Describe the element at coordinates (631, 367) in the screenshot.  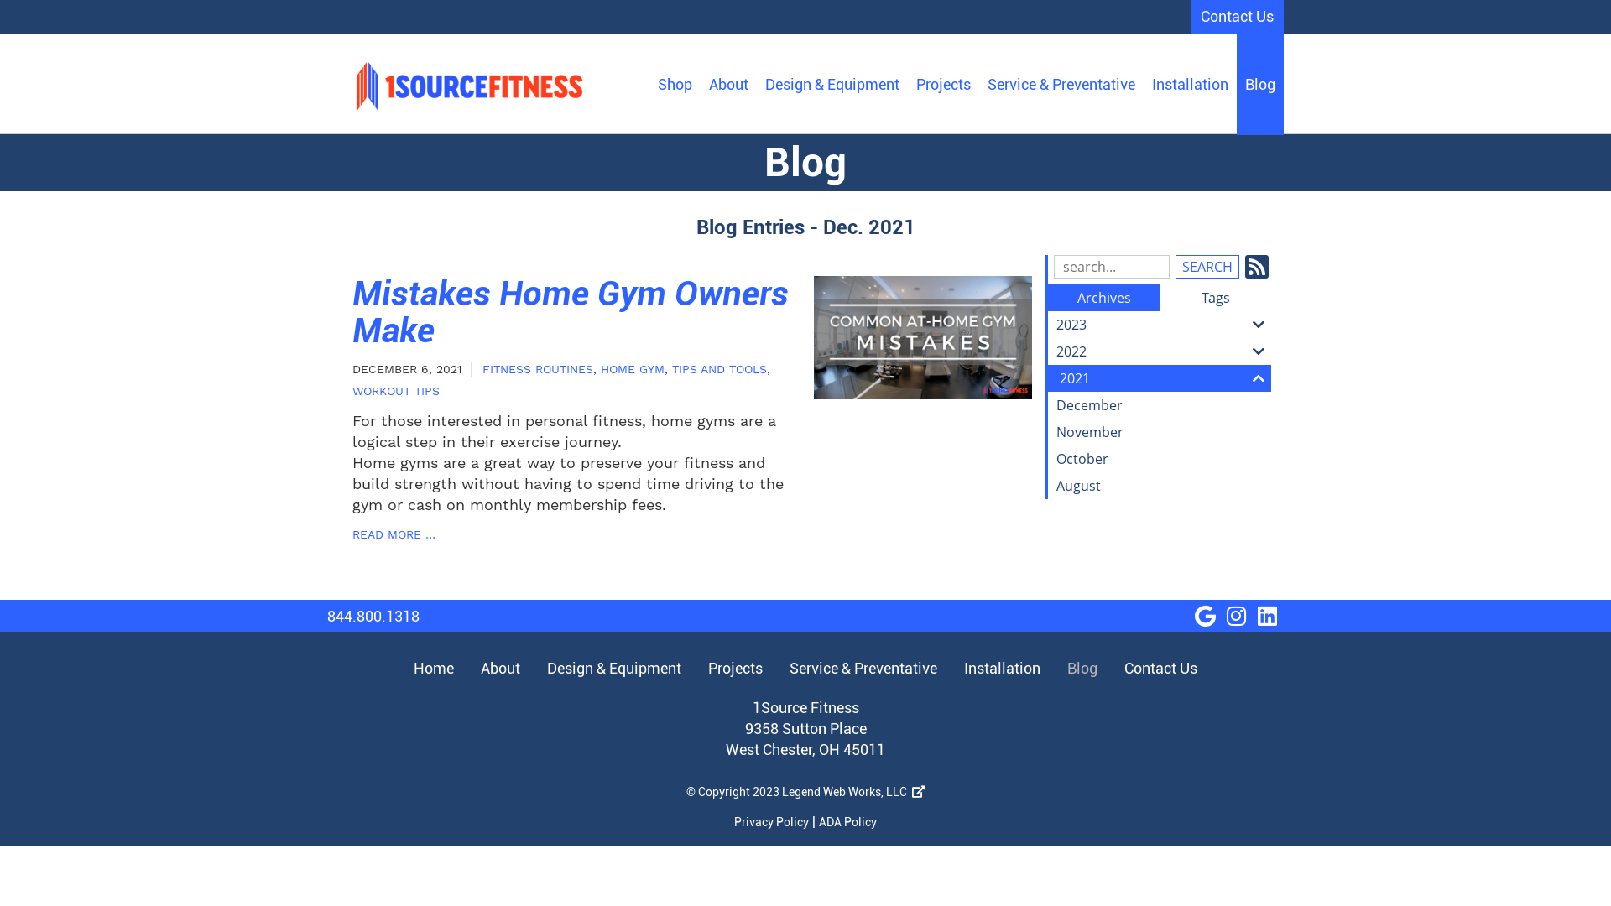
I see `'HOME GYM'` at that location.